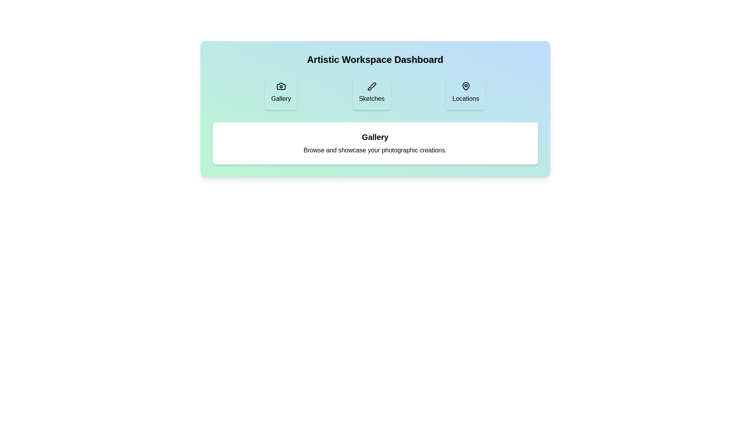 The width and height of the screenshot is (750, 422). Describe the element at coordinates (281, 92) in the screenshot. I see `the tab labeled 'Gallery' to observe its hover effect` at that location.